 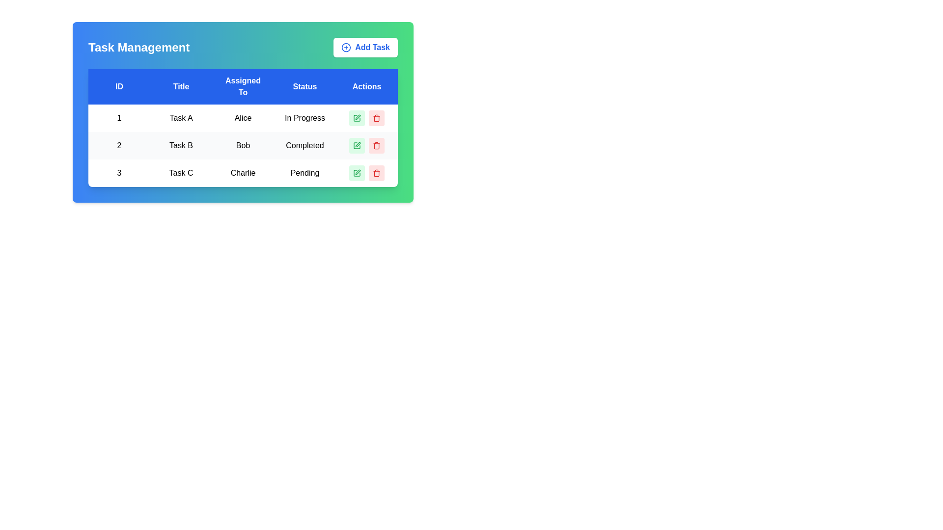 I want to click on the square green button with a pen icon in the 'Actions' column of the first row to visualize its hover effect, so click(x=356, y=117).